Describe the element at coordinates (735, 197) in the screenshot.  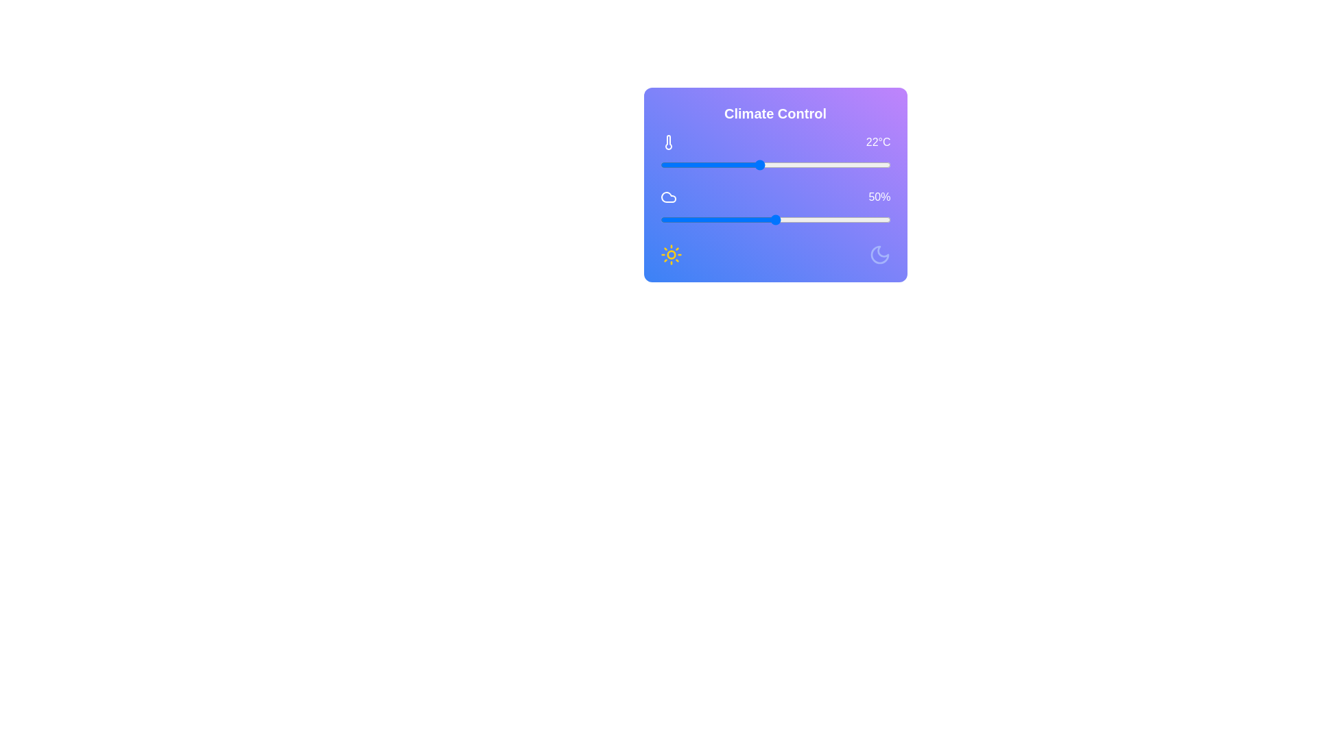
I see `the slider` at that location.